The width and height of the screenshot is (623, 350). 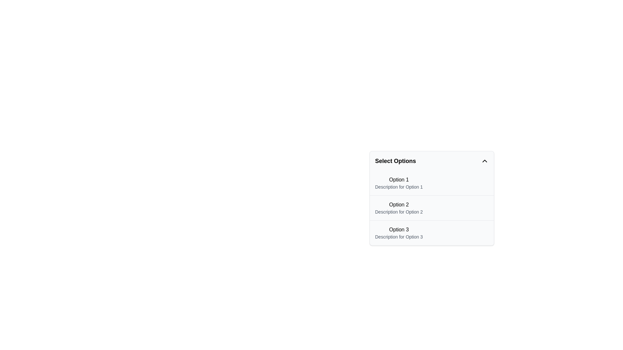 What do you see at coordinates (398, 232) in the screenshot?
I see `the list item titled 'Option 3' in the dropdown menu` at bounding box center [398, 232].